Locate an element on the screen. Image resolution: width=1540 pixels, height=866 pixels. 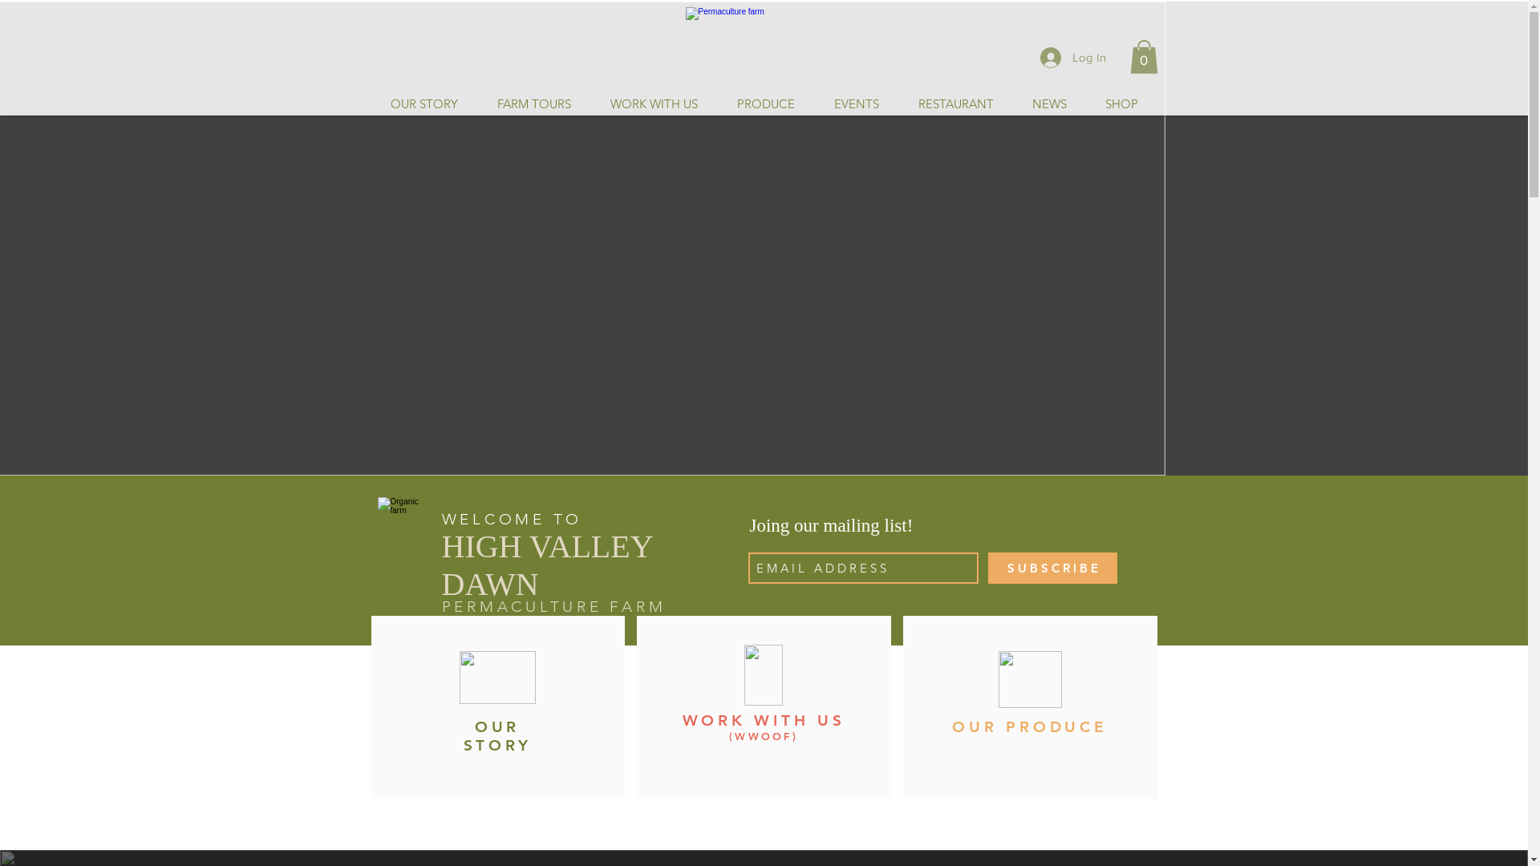
'EVENTS' is located at coordinates (854, 104).